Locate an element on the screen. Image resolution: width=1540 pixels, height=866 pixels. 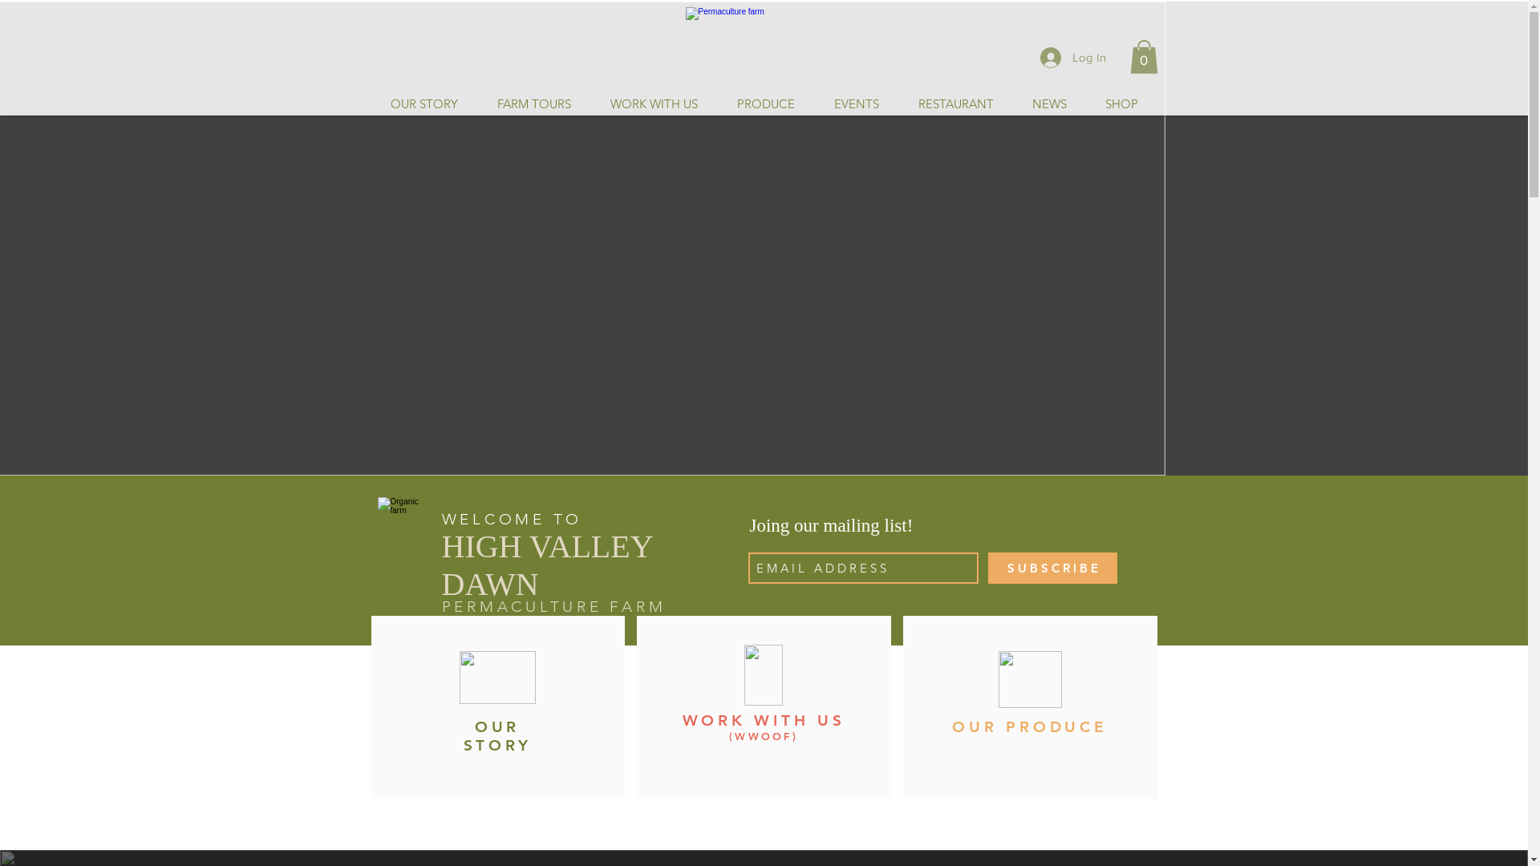
'EVENTS' is located at coordinates (854, 104).